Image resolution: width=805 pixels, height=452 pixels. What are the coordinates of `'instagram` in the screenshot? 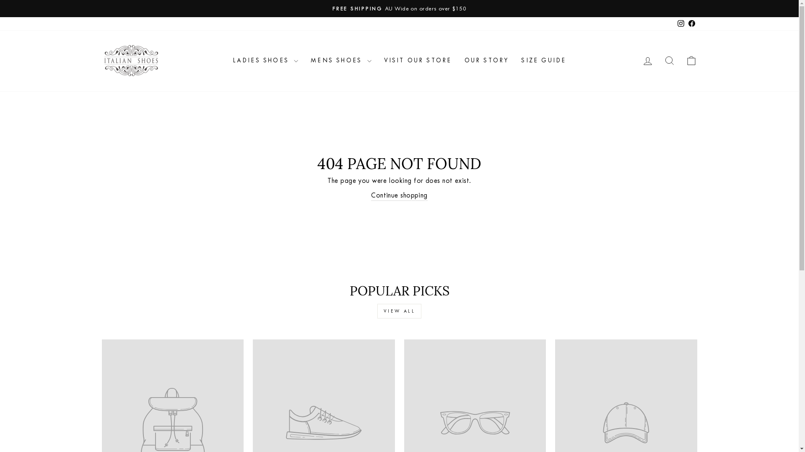 It's located at (680, 23).